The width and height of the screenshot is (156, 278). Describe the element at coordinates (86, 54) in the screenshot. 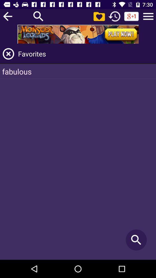

I see `favorites icon` at that location.